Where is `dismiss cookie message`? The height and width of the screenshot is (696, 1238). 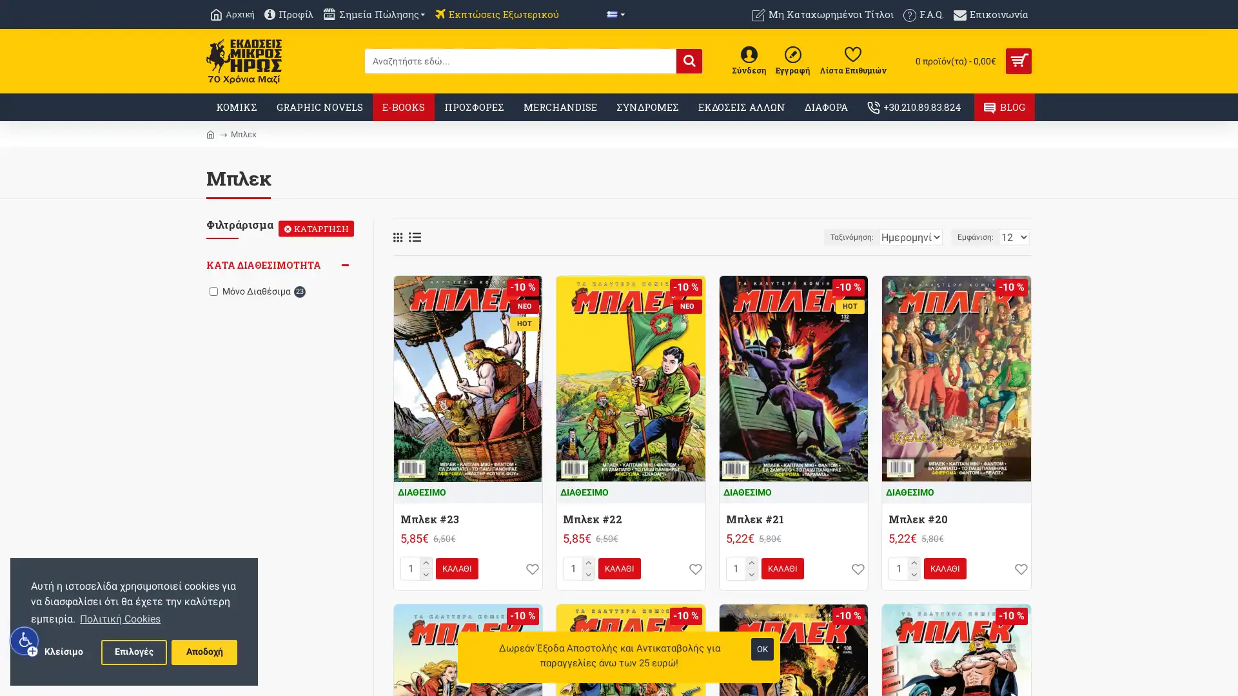
dismiss cookie message is located at coordinates (63, 652).